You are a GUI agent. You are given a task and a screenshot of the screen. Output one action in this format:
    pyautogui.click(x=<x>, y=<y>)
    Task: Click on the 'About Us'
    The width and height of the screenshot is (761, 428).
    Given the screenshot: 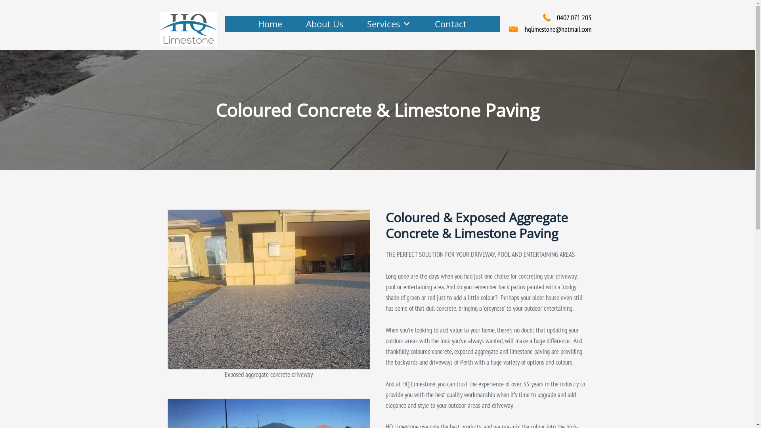 What is the action you would take?
    pyautogui.click(x=325, y=23)
    